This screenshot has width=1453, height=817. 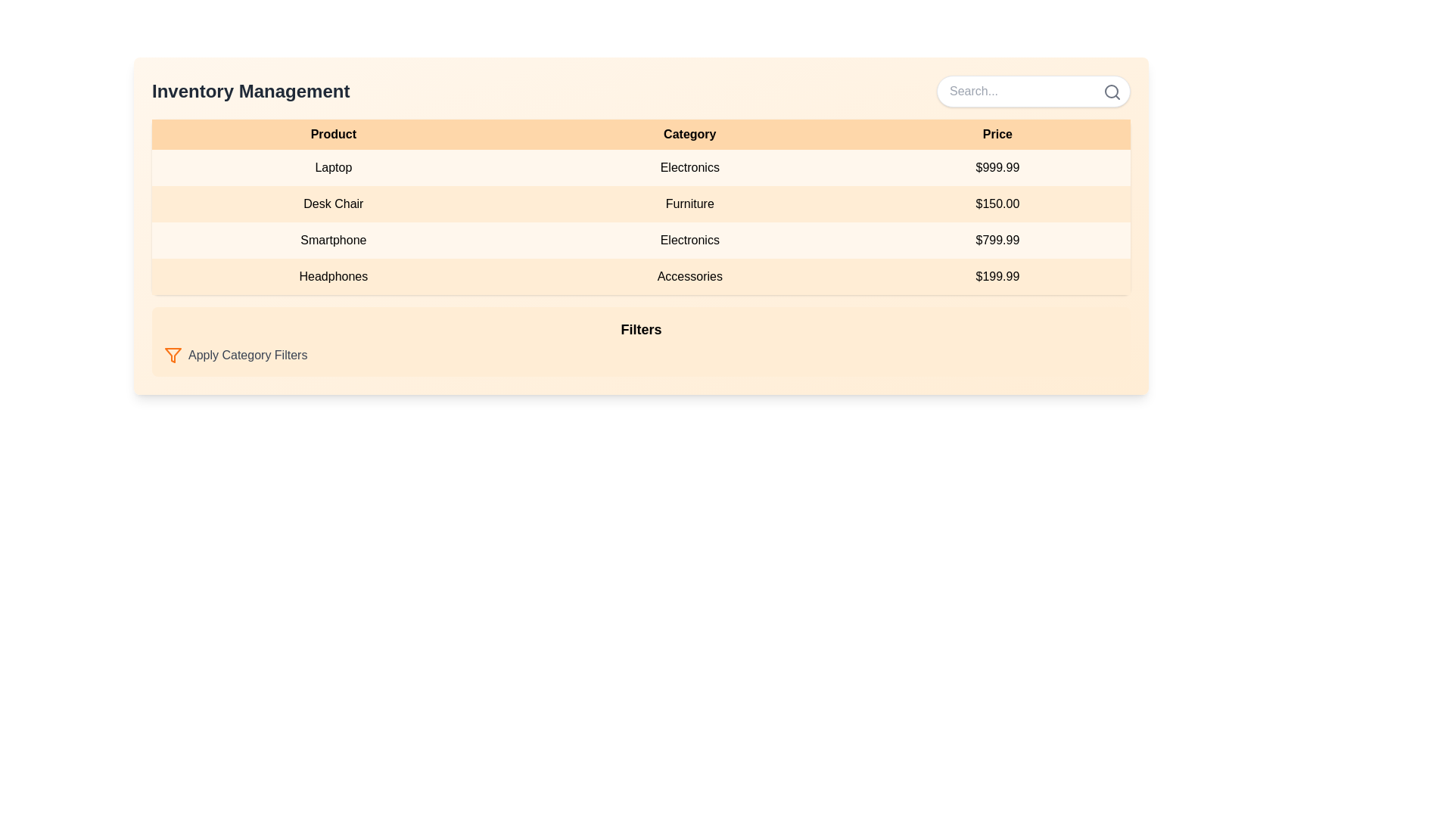 What do you see at coordinates (689, 168) in the screenshot?
I see `text label indicating the category 'Electronics' for the product 'Laptop', located in the second column of the first row under the header 'Category'` at bounding box center [689, 168].